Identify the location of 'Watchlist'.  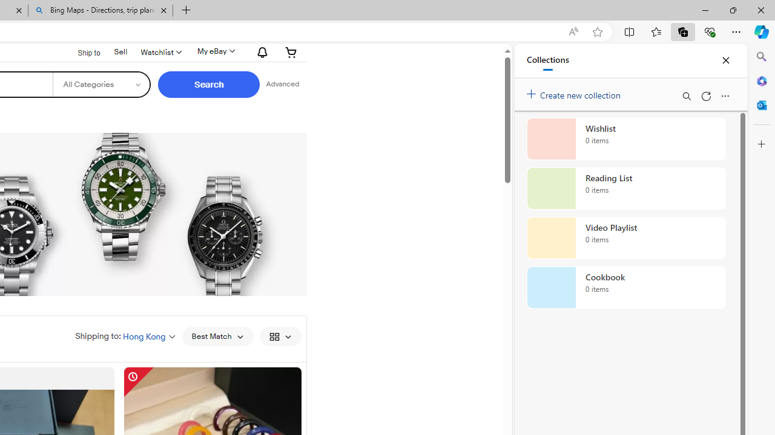
(159, 51).